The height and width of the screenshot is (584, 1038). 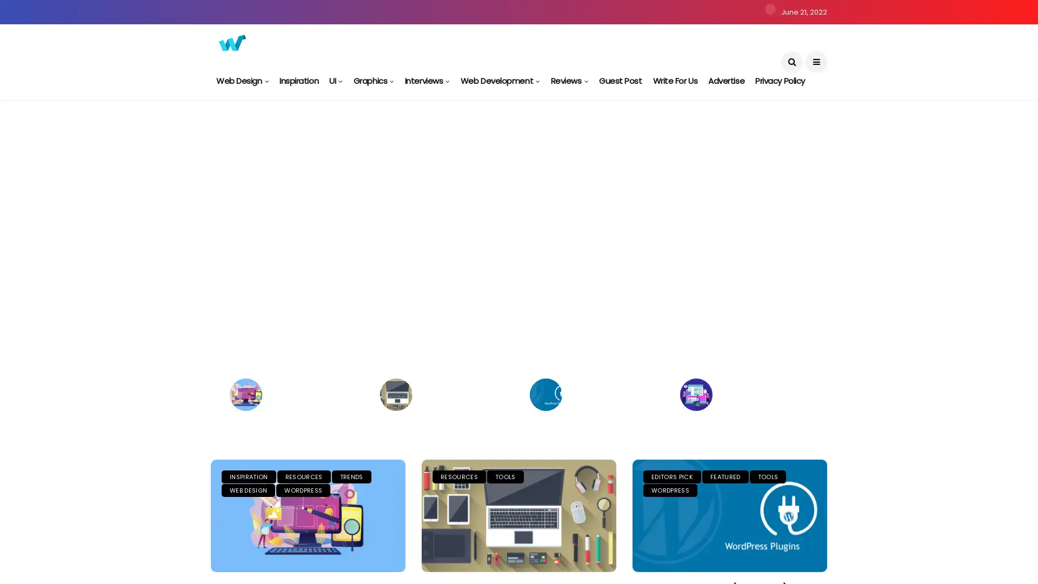 What do you see at coordinates (1019, 545) in the screenshot?
I see `Close Ad` at bounding box center [1019, 545].